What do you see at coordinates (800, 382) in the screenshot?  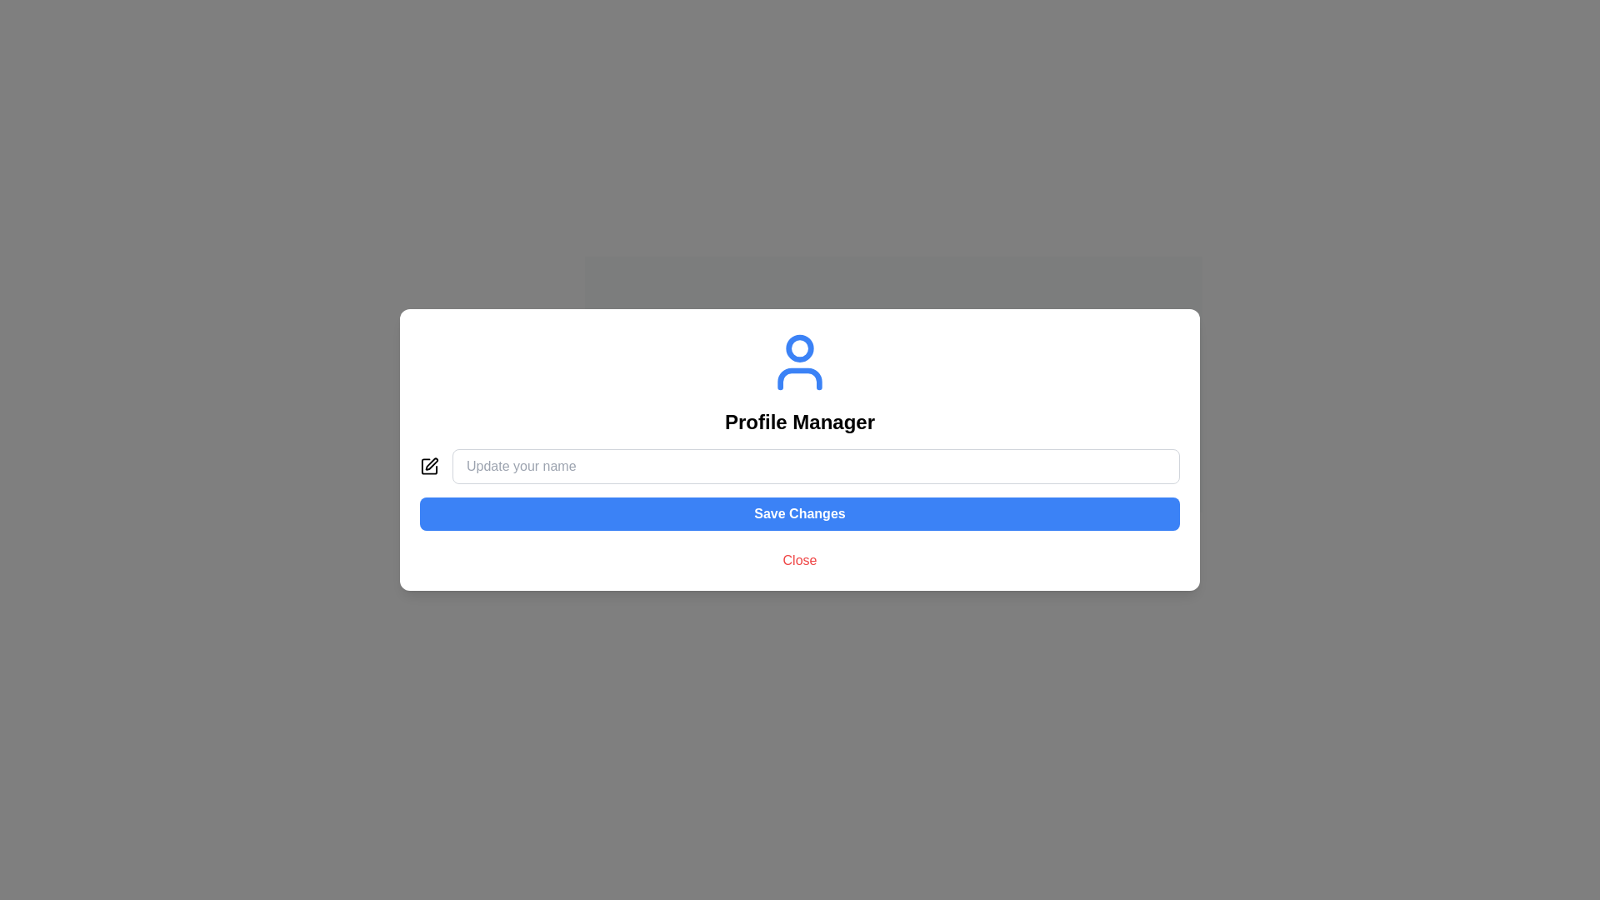 I see `the 'Profile Manager' header section, which features a user silhouette icon above bold black text` at bounding box center [800, 382].